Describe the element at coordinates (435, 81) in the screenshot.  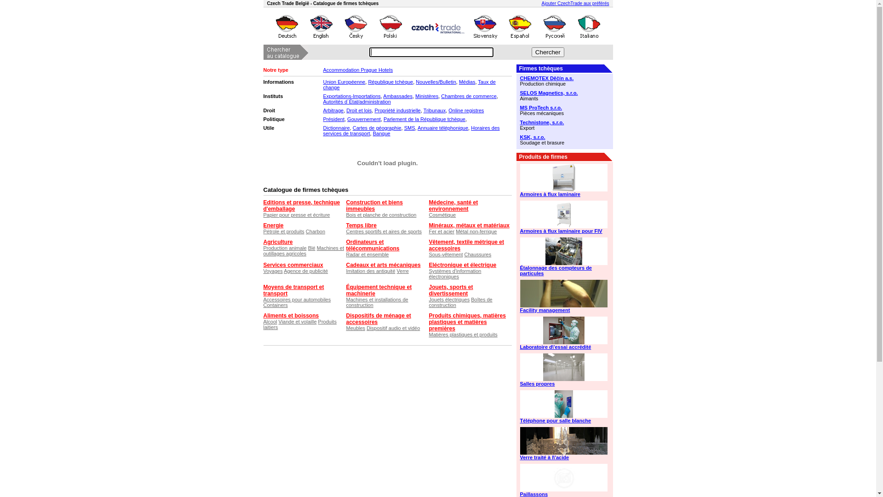
I see `'Nouvelles/Bulletin'` at that location.